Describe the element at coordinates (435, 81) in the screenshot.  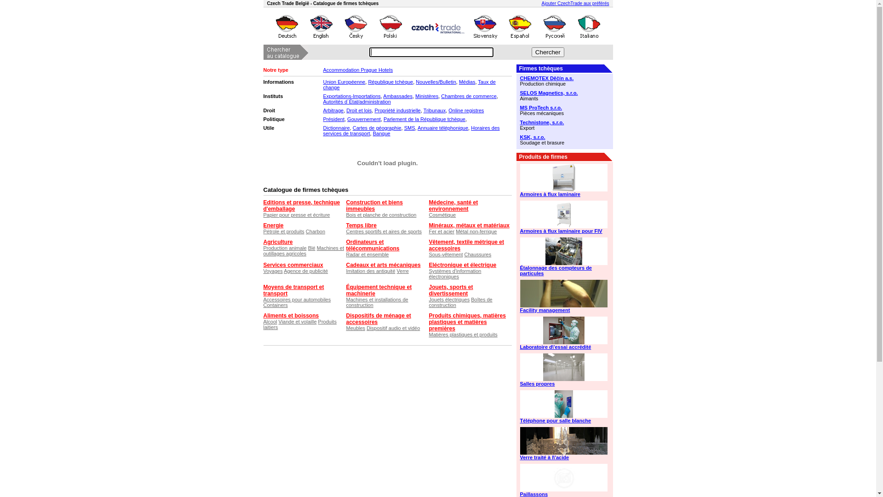
I see `'Nouvelles/Bulletin'` at that location.